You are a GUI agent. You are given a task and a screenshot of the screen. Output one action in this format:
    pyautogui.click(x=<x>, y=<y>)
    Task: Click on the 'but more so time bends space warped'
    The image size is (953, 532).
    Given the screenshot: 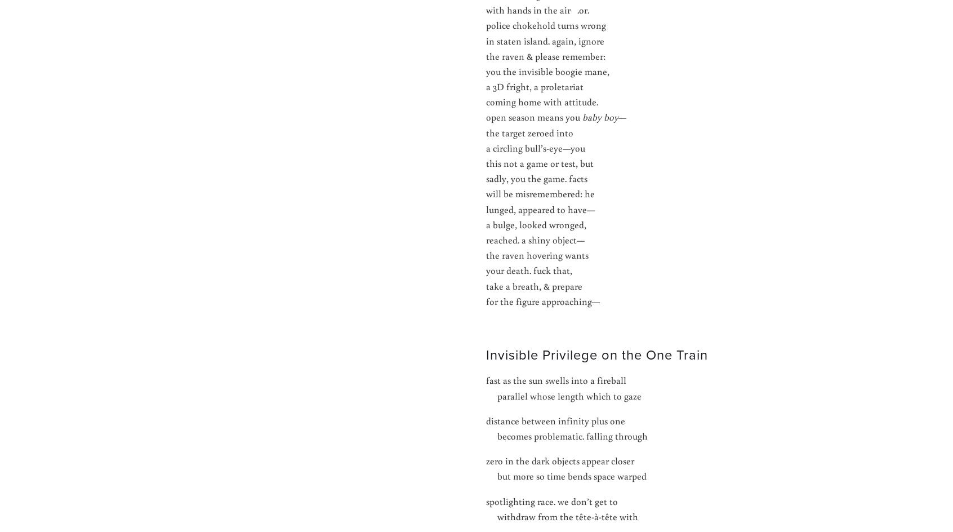 What is the action you would take?
    pyautogui.click(x=567, y=476)
    